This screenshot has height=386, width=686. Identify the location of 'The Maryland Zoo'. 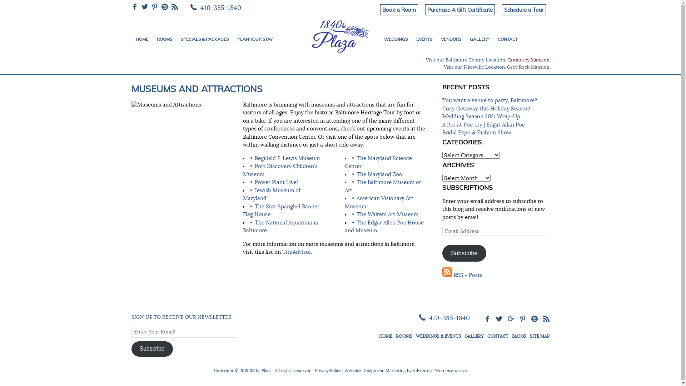
(357, 174).